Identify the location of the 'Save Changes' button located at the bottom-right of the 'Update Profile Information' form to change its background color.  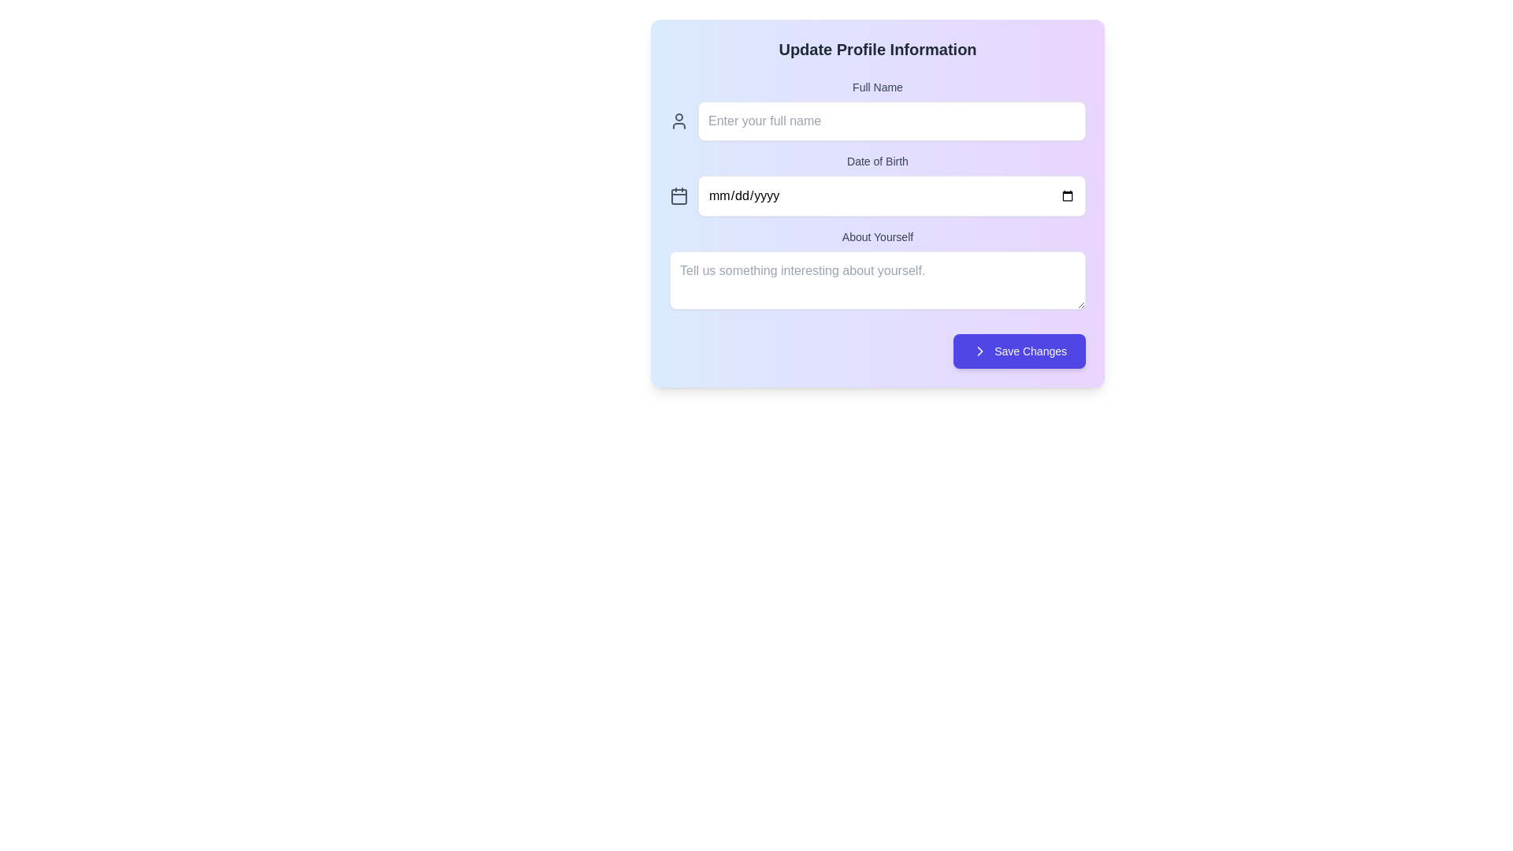
(1020, 351).